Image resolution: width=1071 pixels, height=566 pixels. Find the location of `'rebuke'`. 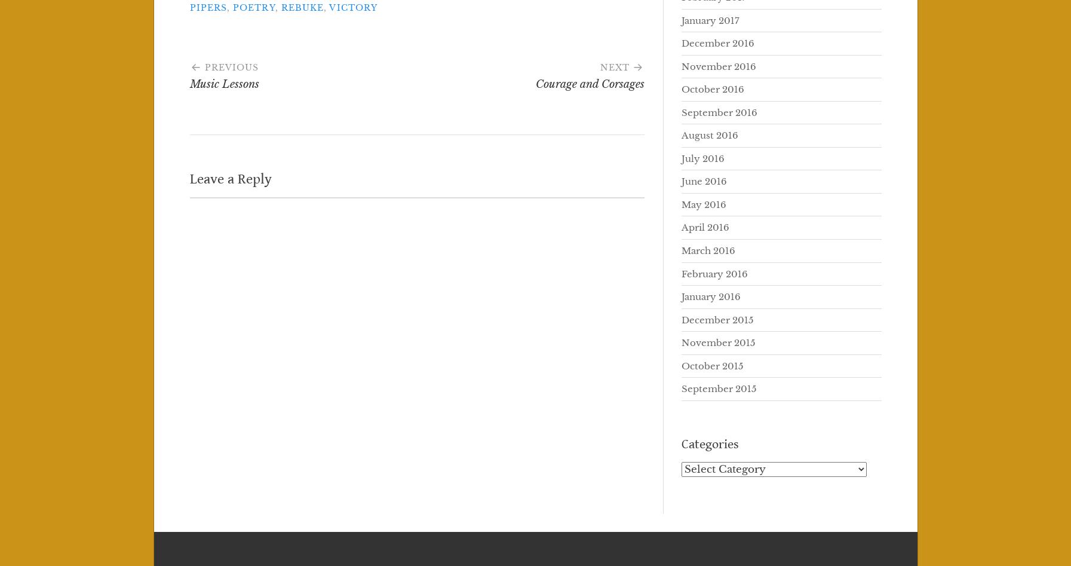

'rebuke' is located at coordinates (301, 8).